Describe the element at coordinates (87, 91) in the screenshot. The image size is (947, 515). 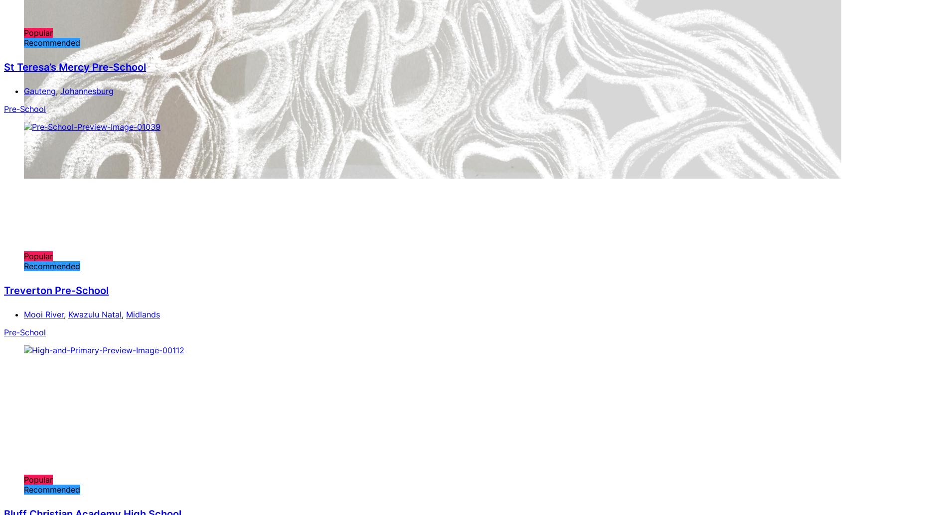
I see `'Johannesburg'` at that location.